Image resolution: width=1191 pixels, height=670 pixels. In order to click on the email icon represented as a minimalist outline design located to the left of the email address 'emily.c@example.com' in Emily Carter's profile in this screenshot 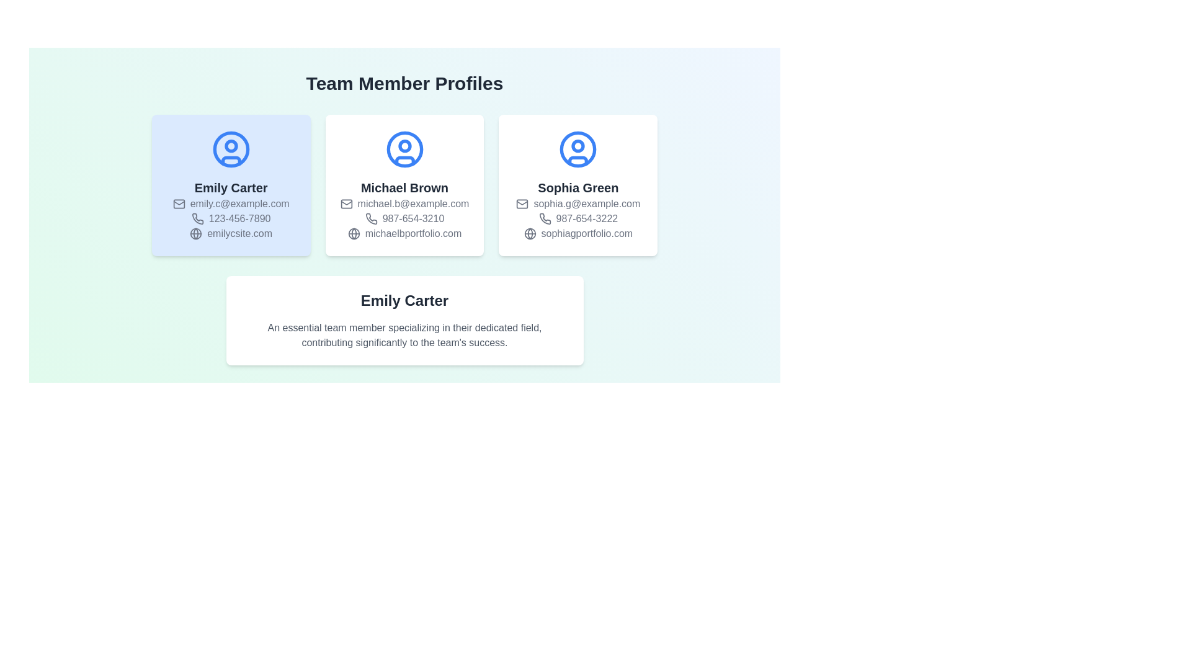, I will do `click(178, 203)`.